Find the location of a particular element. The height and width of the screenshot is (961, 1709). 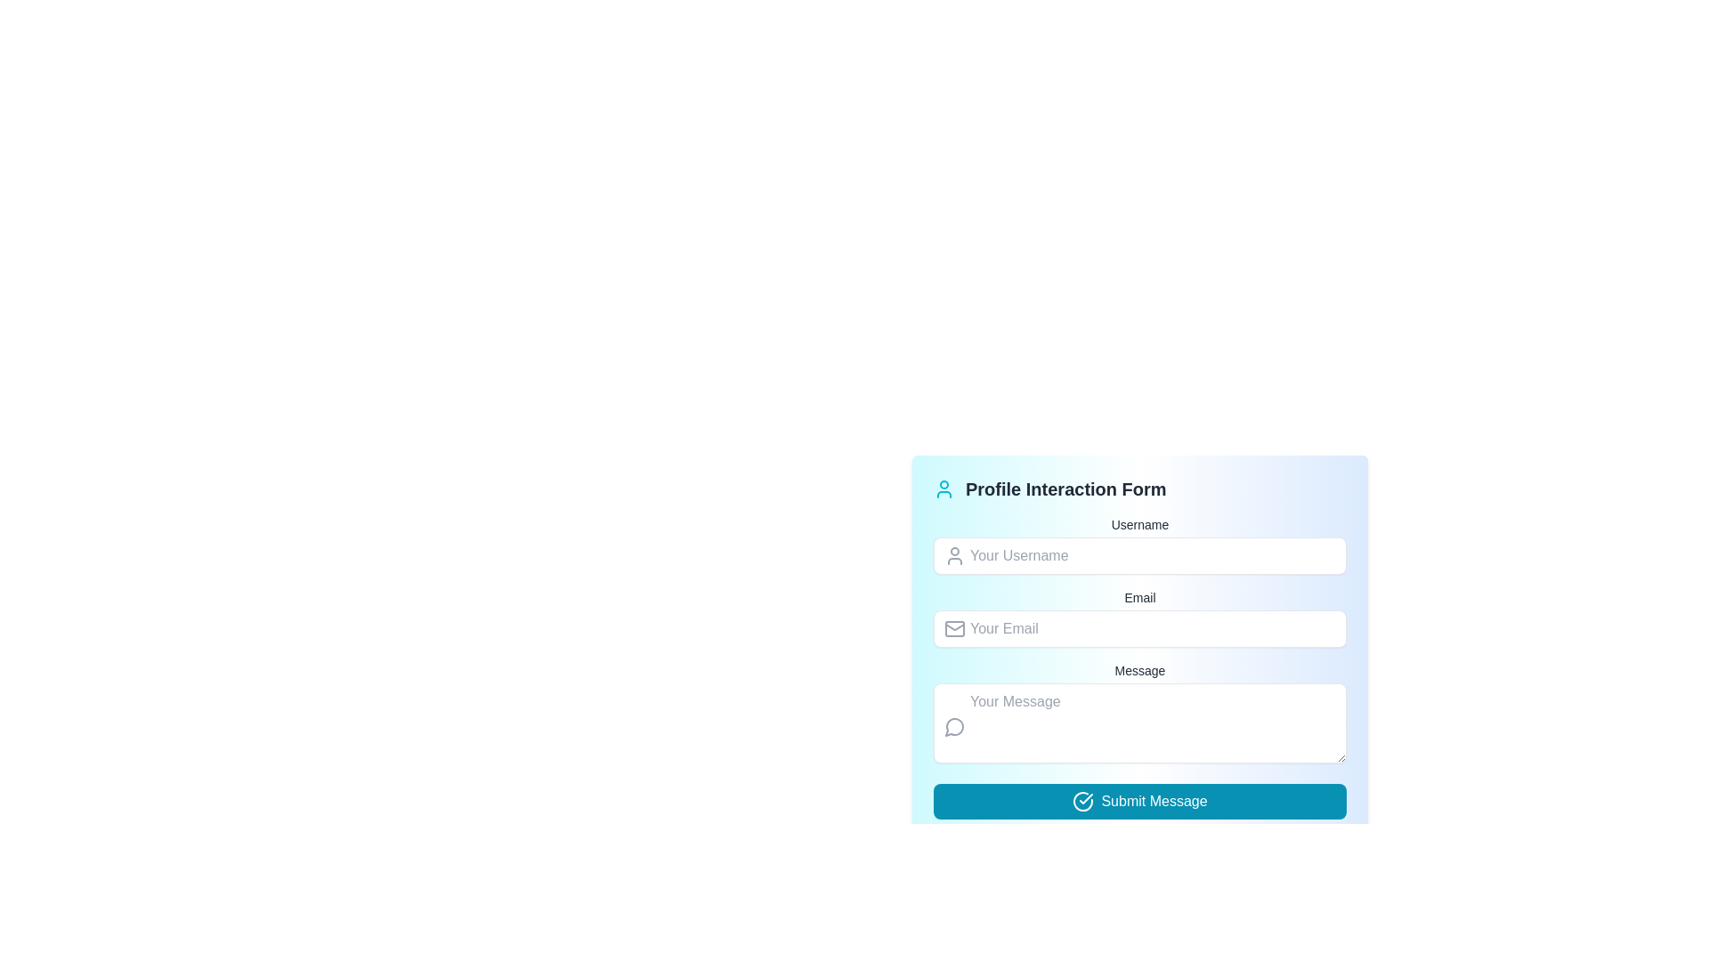

the third input field (textarea) to focus and begin typing is located at coordinates (1140, 714).